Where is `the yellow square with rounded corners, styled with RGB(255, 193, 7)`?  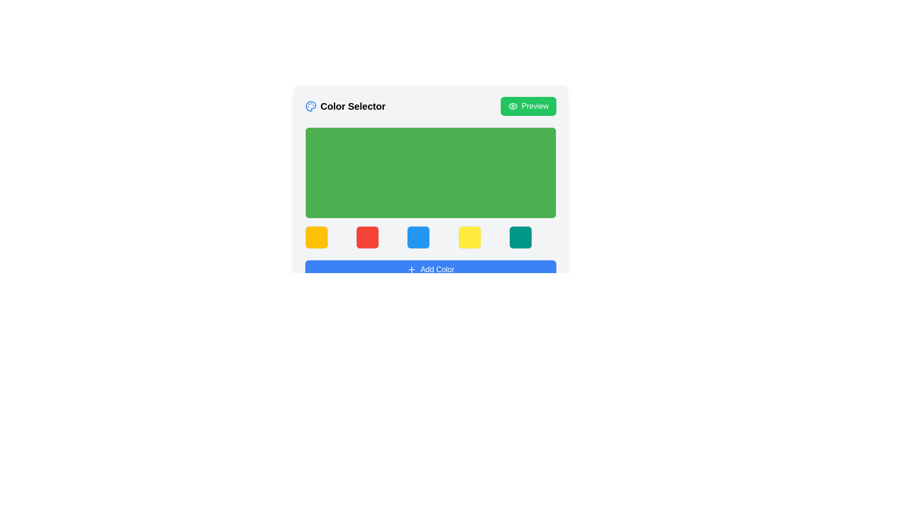
the yellow square with rounded corners, styled with RGB(255, 193, 7) is located at coordinates (317, 237).